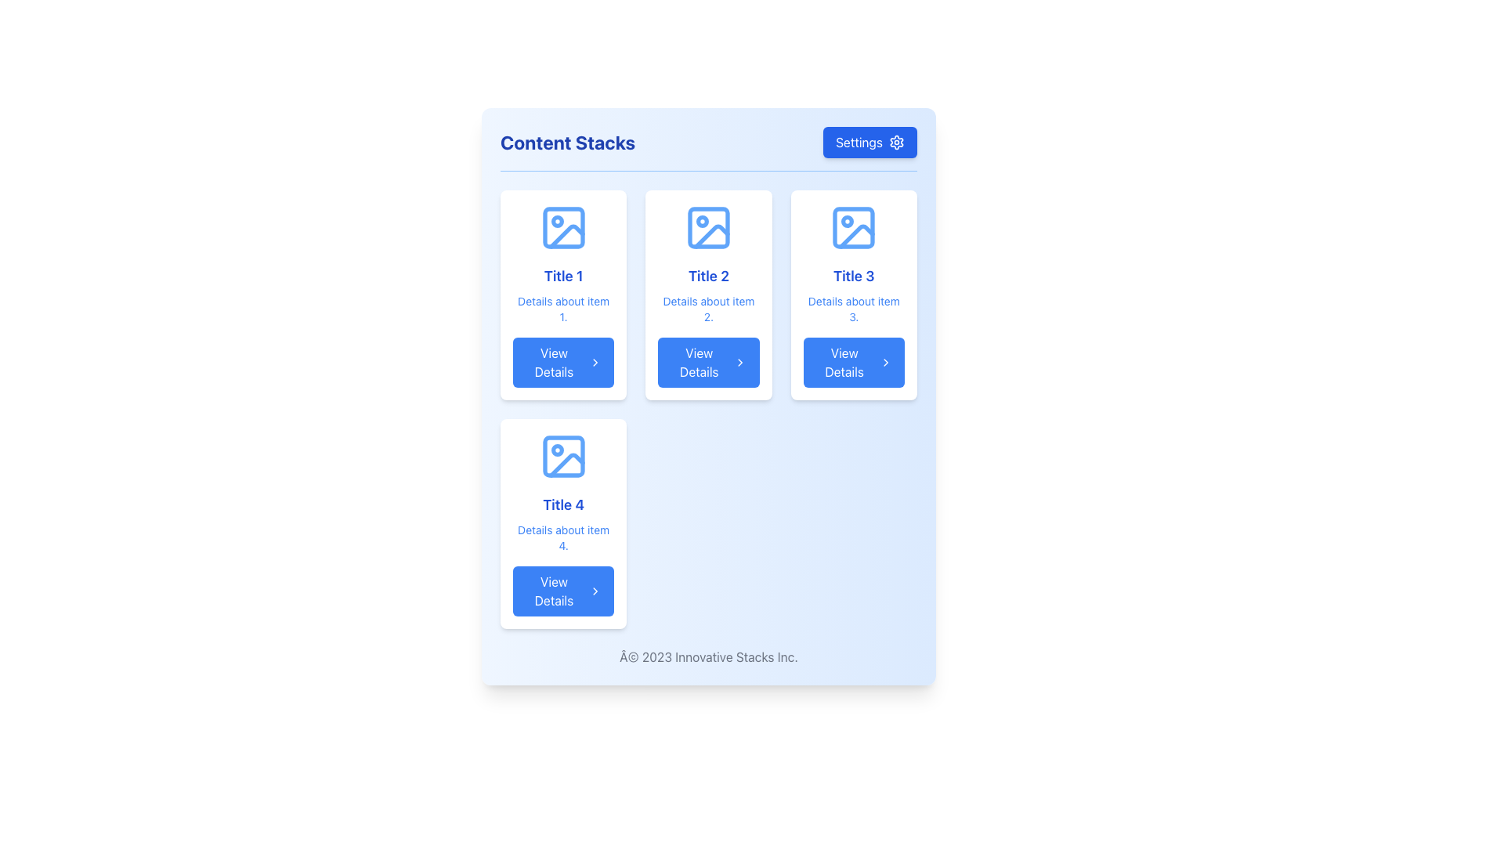 The width and height of the screenshot is (1504, 846). What do you see at coordinates (707, 227) in the screenshot?
I see `the decorative element that is a light blue rectangle with rounded corners, which serves as the background for the second image icon in the grid beneath the 'Content Stacks' title` at bounding box center [707, 227].